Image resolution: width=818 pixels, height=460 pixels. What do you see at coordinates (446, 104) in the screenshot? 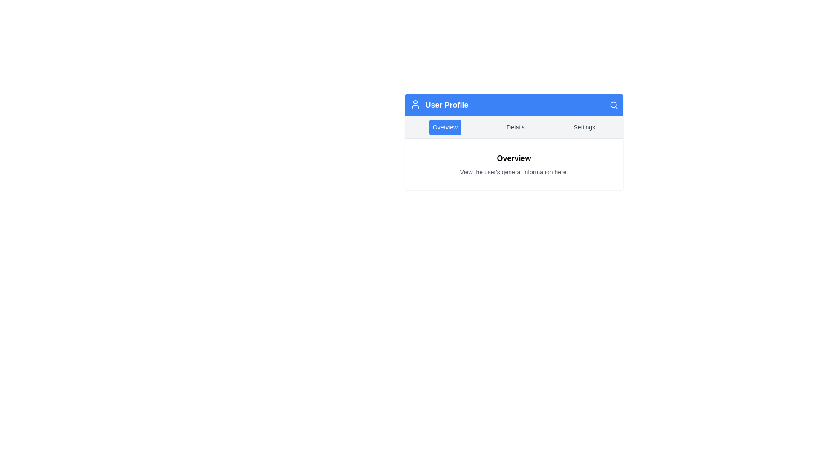
I see `the 'User Profile' text element, which is styled in a larger bold font and located within a blue header section, positioned between a user profile icon and a search icon at the top-center of the page` at bounding box center [446, 104].